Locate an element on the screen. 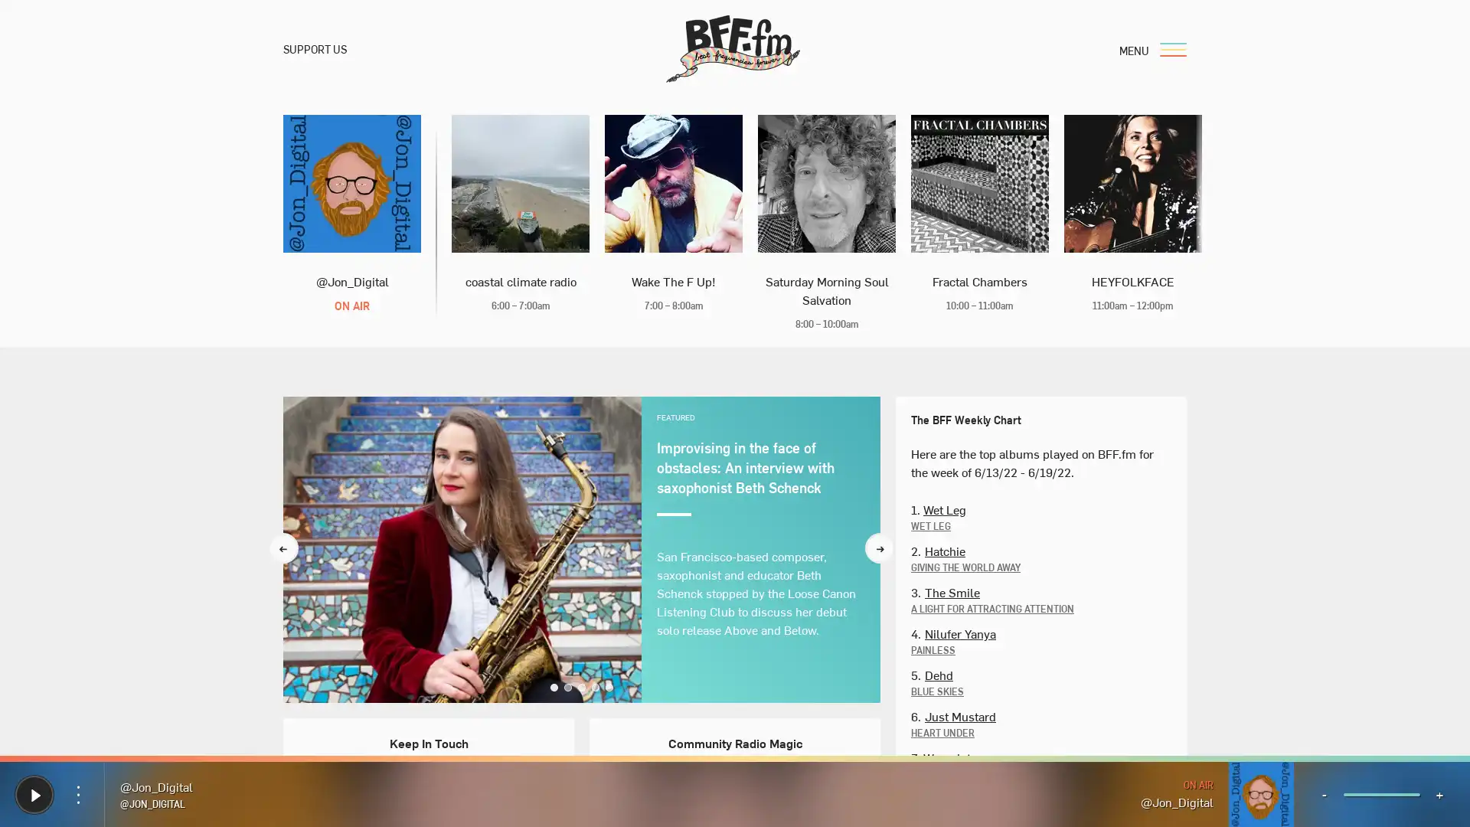 The image size is (1470, 827). Donate is located at coordinates (50, 755).